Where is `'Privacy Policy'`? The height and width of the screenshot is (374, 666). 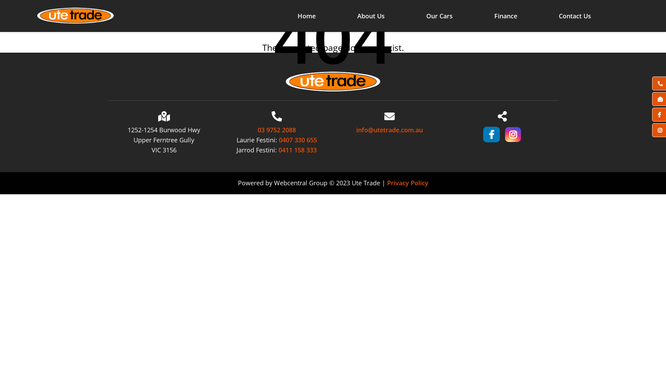
'Privacy Policy' is located at coordinates (408, 182).